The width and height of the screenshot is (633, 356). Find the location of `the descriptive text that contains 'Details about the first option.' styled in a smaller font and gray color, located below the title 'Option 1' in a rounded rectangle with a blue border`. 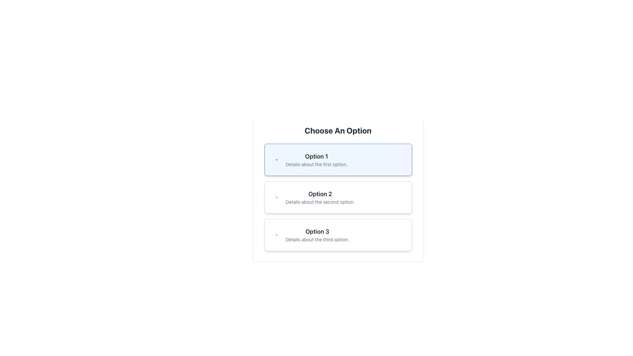

the descriptive text that contains 'Details about the first option.' styled in a smaller font and gray color, located below the title 'Option 1' in a rounded rectangle with a blue border is located at coordinates (316, 164).